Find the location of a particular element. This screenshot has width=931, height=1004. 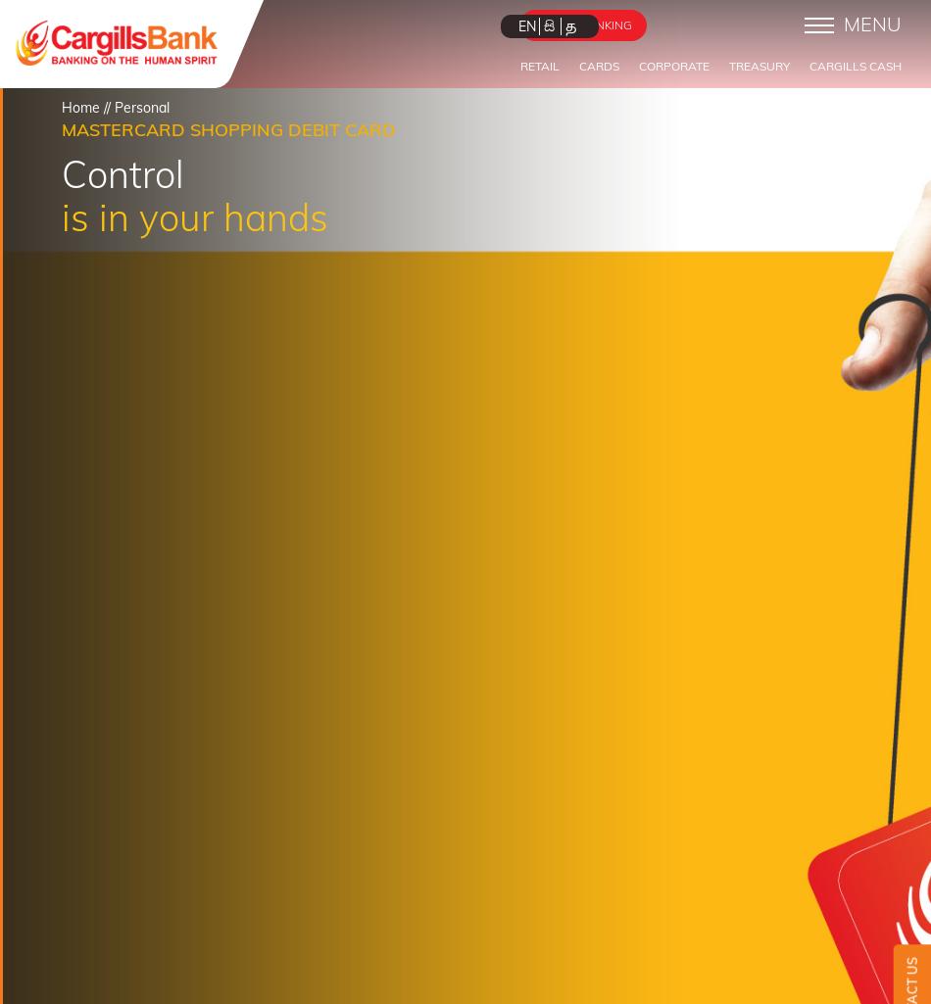

'is in your hands' is located at coordinates (195, 215).